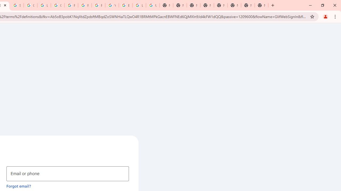 The image size is (341, 191). Describe the element at coordinates (84, 5) in the screenshot. I see `'Privacy Help Center - Policies Help'` at that location.